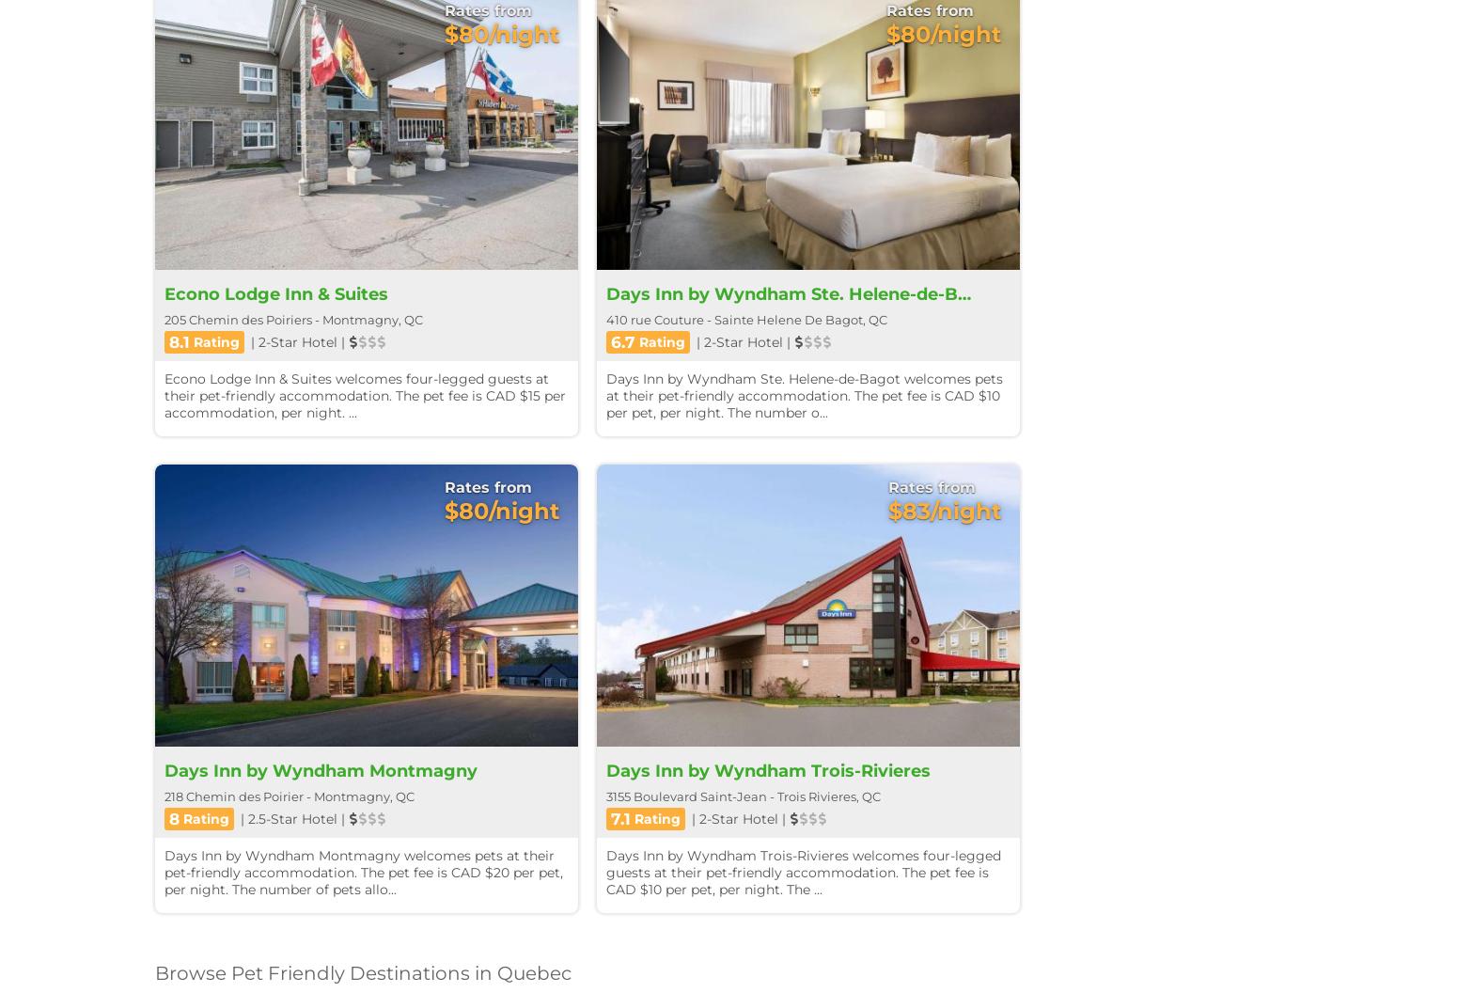 This screenshot has width=1457, height=993. What do you see at coordinates (363, 871) in the screenshot?
I see `'Days Inn by Wyndham Montmagny welcomes pets at their pet-friendly accommodation. The pet fee is CAD $20 per pet, per night. The number of pets allo...'` at bounding box center [363, 871].